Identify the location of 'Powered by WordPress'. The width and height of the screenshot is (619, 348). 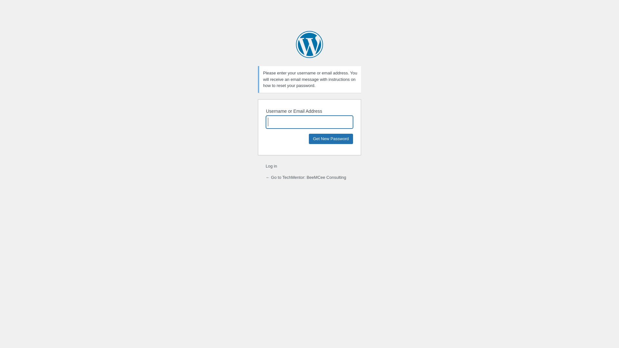
(309, 44).